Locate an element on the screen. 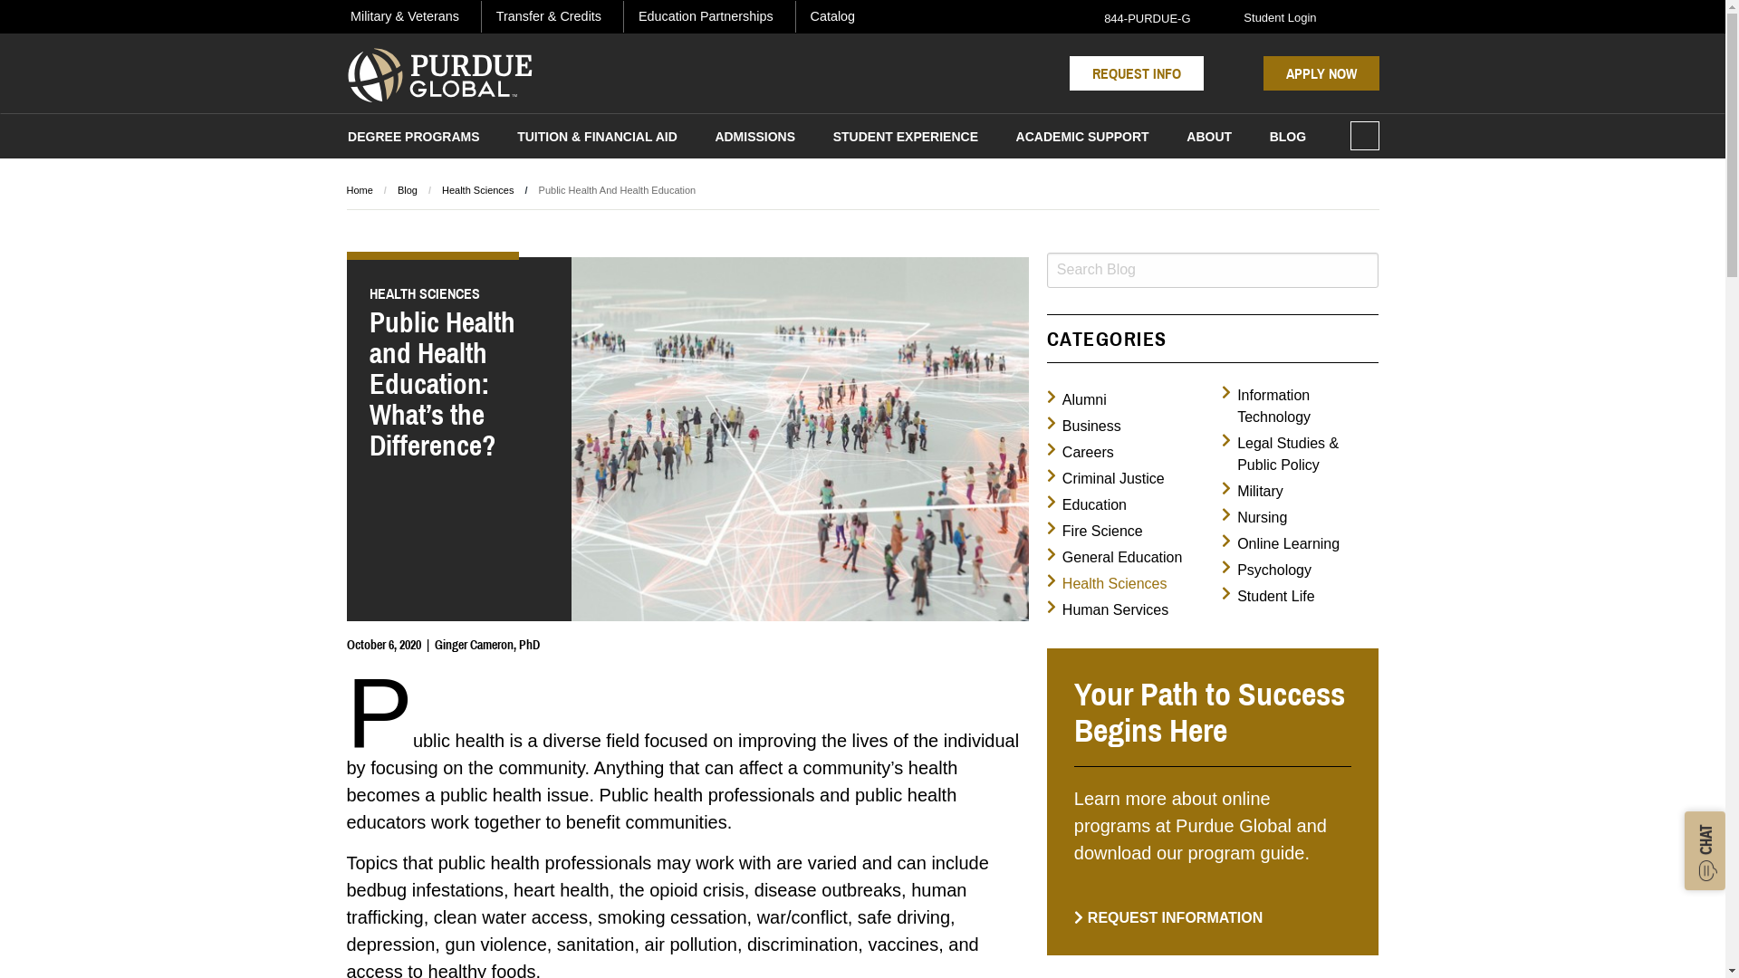  'Alumni' is located at coordinates (1047, 399).